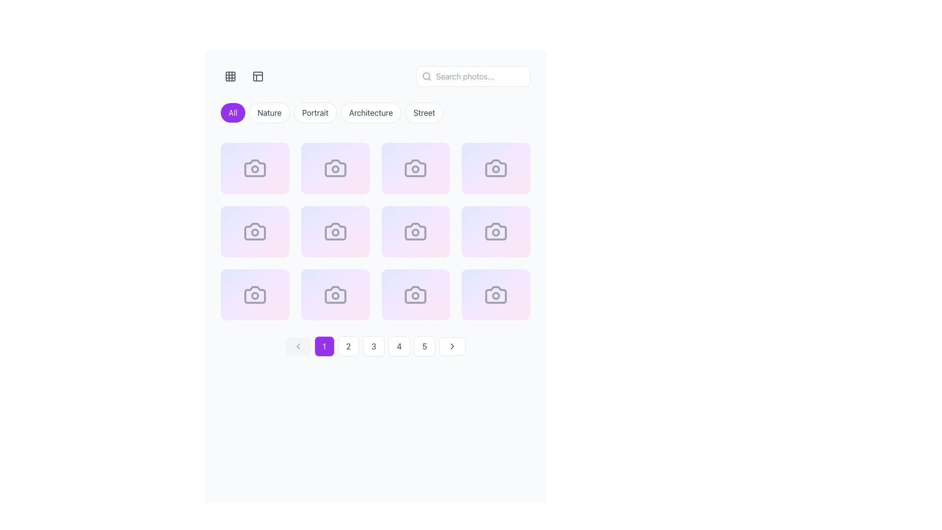 The width and height of the screenshot is (942, 530). What do you see at coordinates (373, 346) in the screenshot?
I see `the button labeled '3' with a white background and a light gray border to observe hover effects` at bounding box center [373, 346].